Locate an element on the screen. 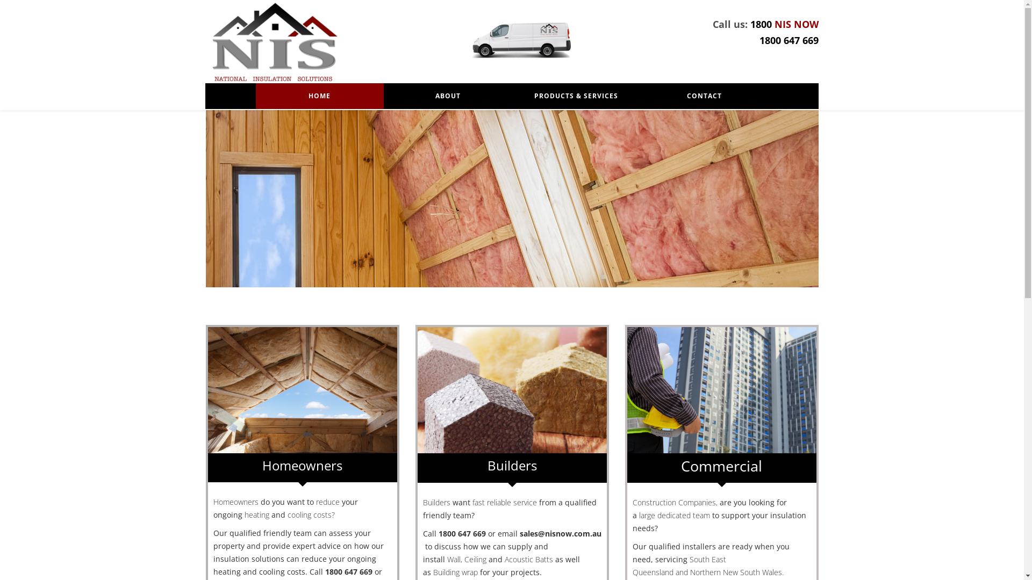 Image resolution: width=1032 pixels, height=580 pixels. 'CONTACT' is located at coordinates (704, 95).